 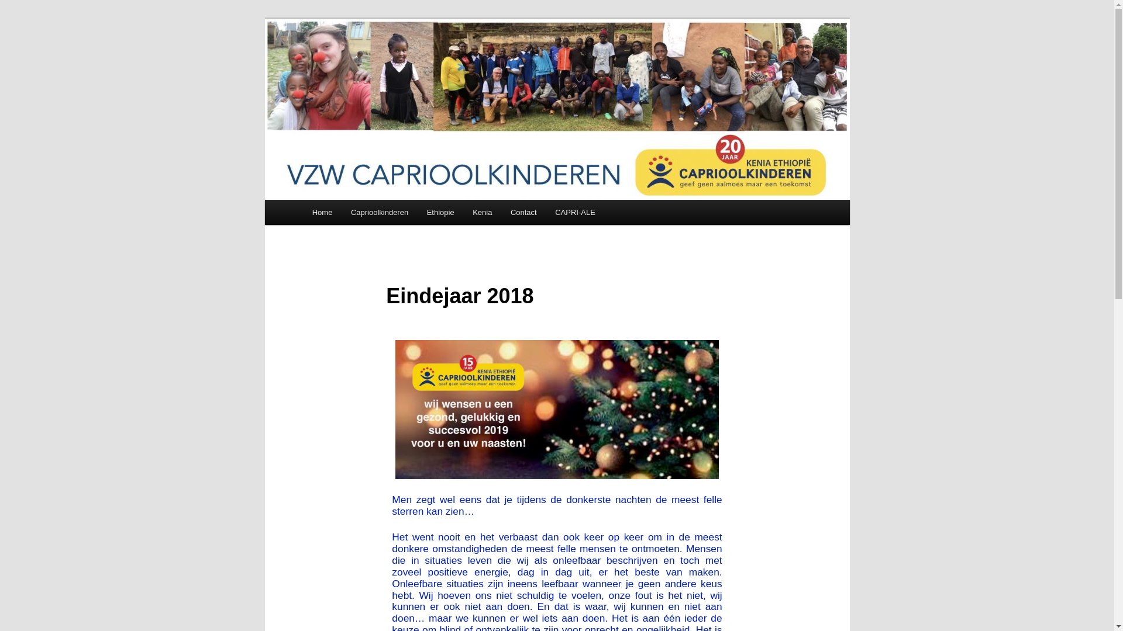 I want to click on 'Spring naar de primaire inhoud', so click(x=18, y=18).